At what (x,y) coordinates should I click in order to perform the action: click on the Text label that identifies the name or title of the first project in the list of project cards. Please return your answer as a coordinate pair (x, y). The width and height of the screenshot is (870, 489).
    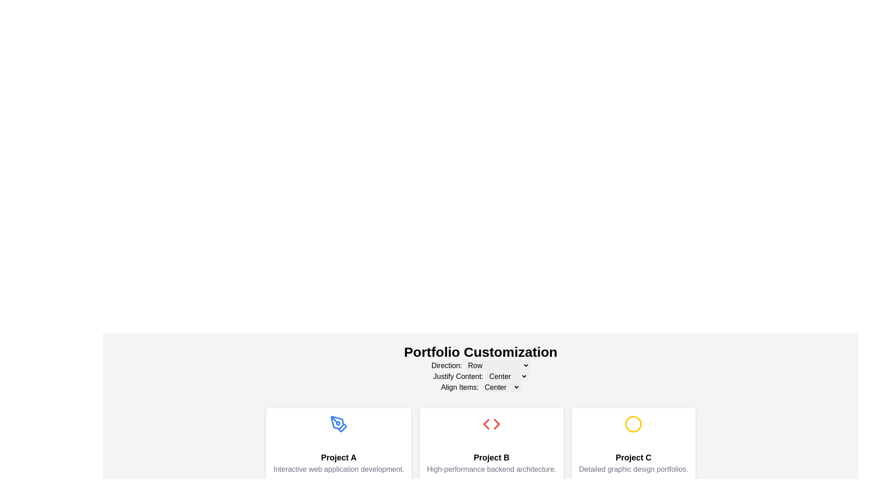
    Looking at the image, I should click on (338, 457).